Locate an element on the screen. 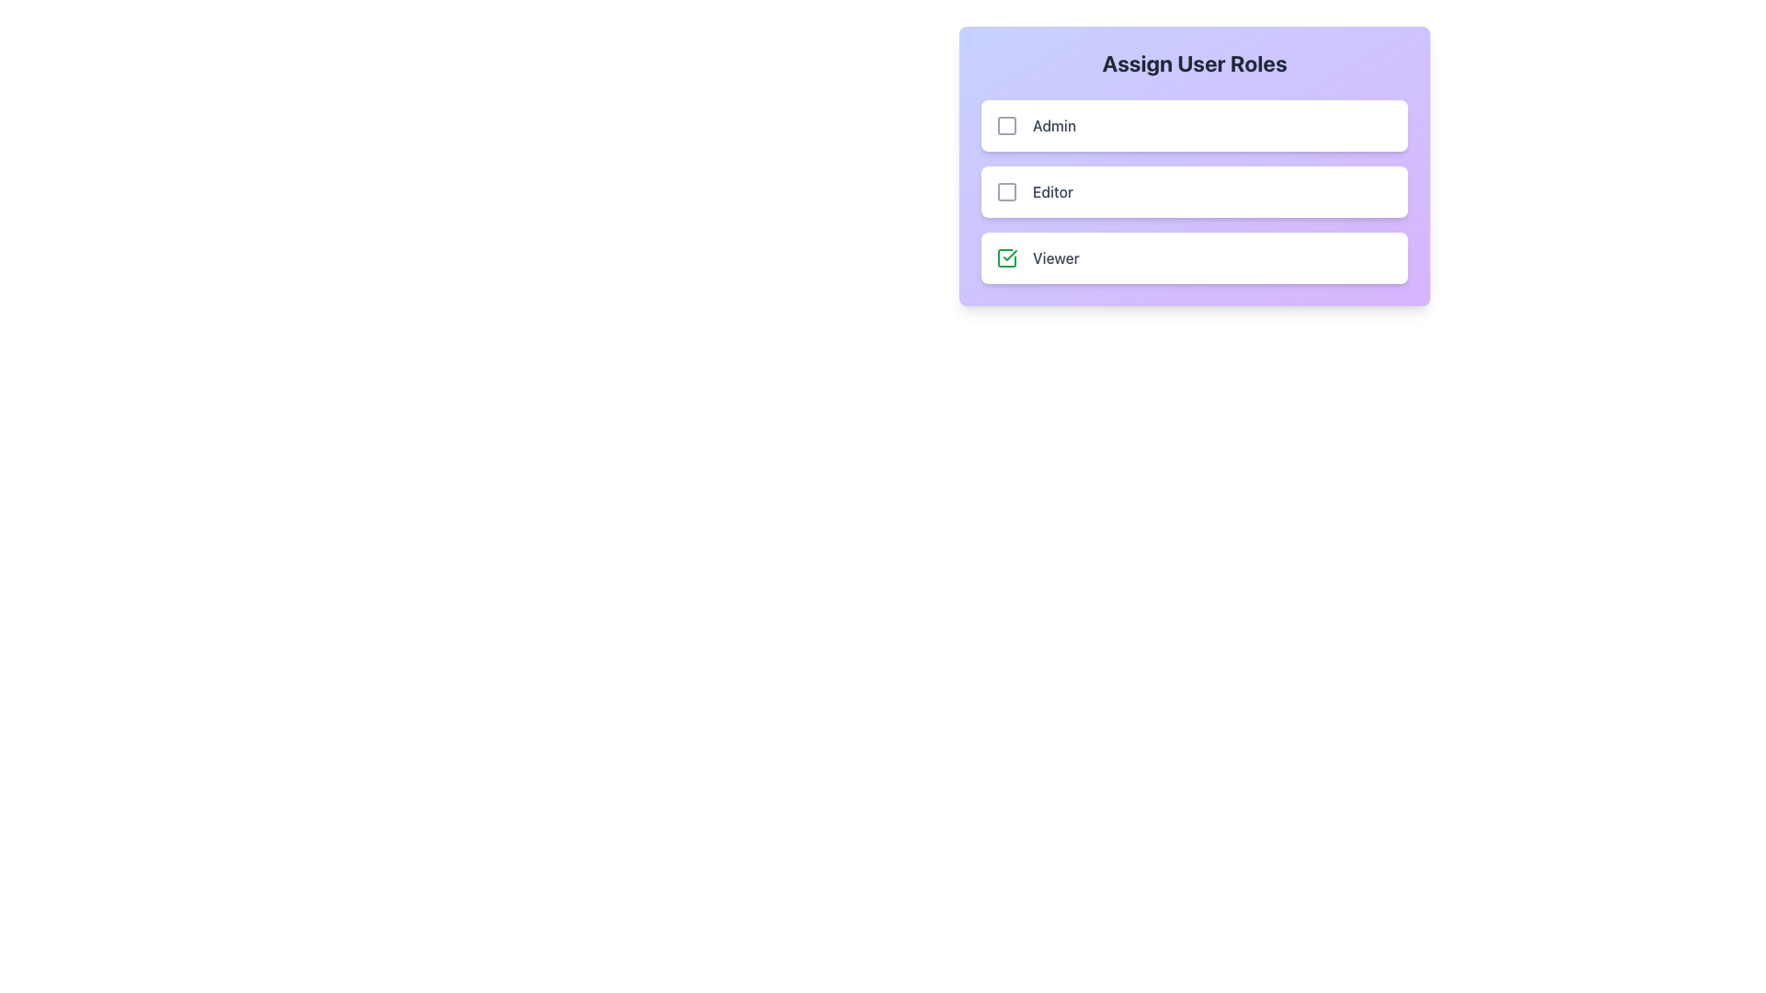 This screenshot has width=1766, height=993. properties of the Checkbox-based selectable list item labeled 'Editor', which is the second item in a vertical list, featuring a white background and a checkbox icon is located at coordinates (1195, 191).